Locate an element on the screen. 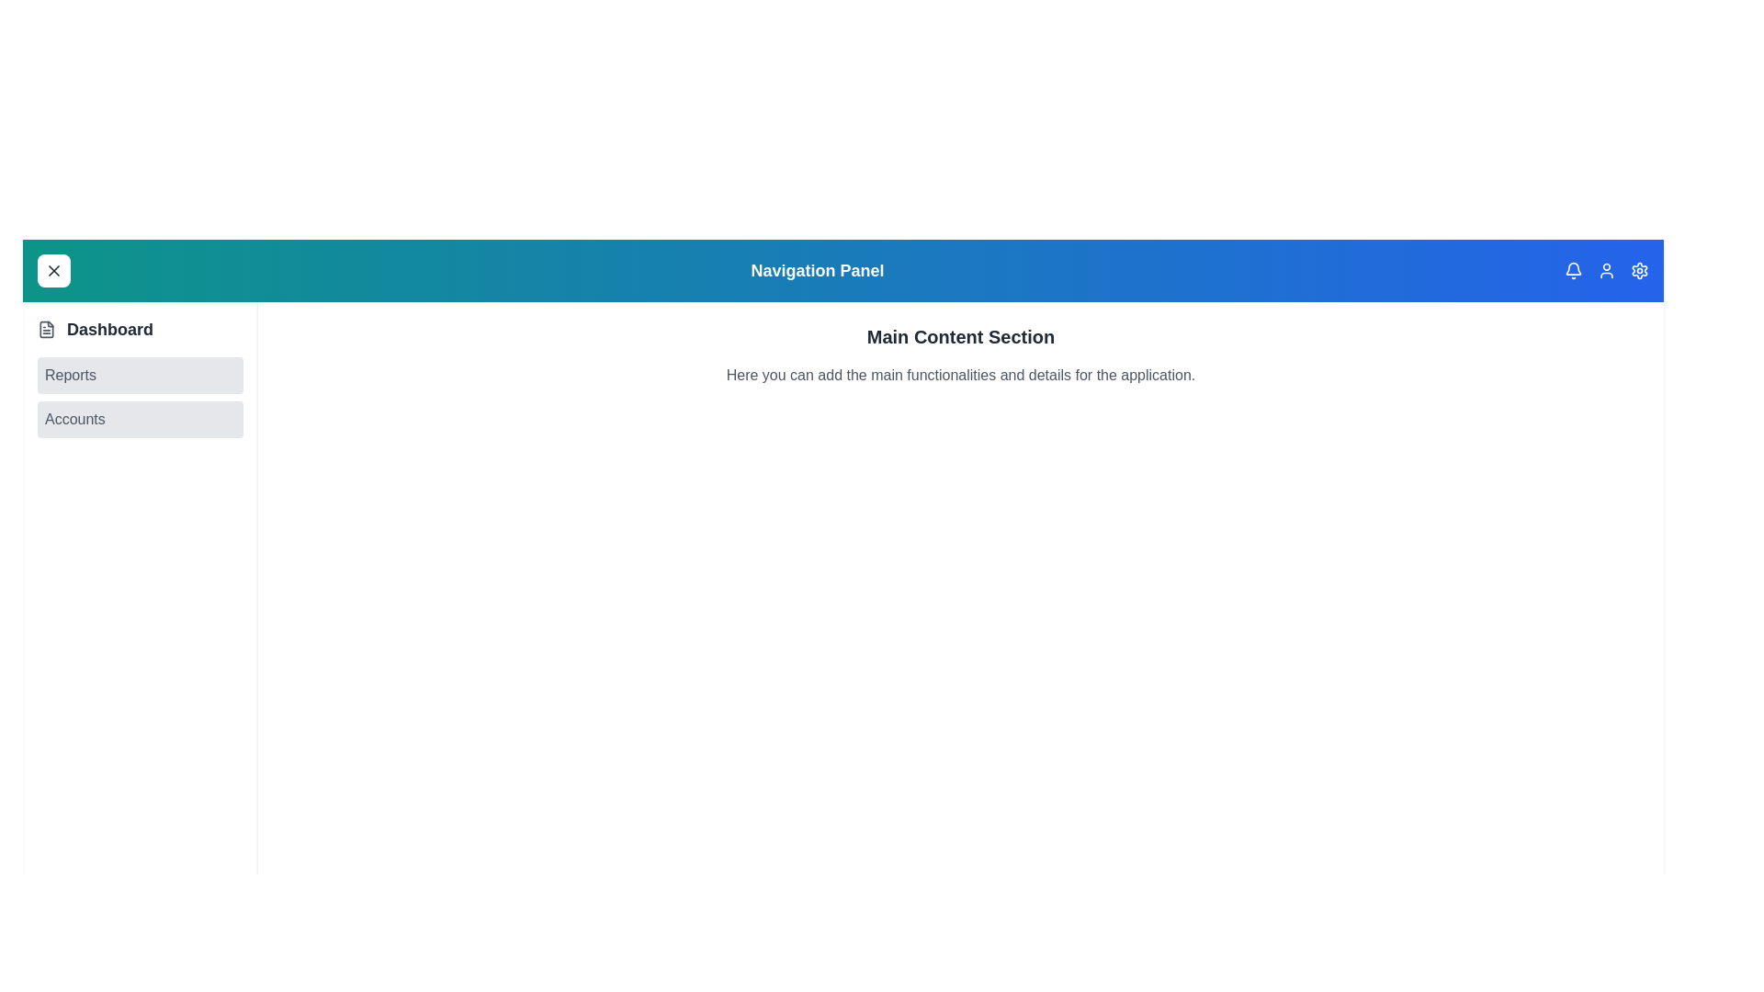 The image size is (1764, 992). the bell-shaped icon button with a white outline on a blue background is located at coordinates (1573, 270).